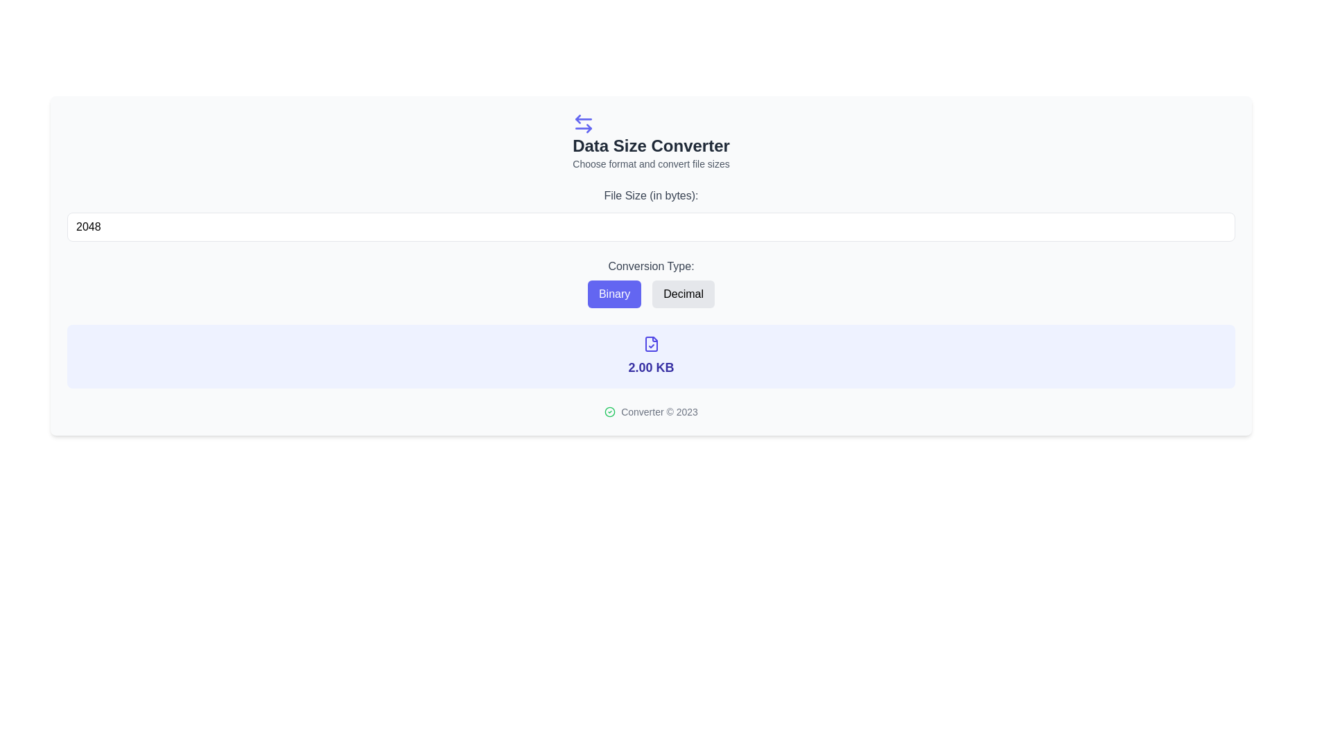 This screenshot has width=1331, height=748. What do you see at coordinates (610, 411) in the screenshot?
I see `the status indicator icon located in the footer section next to the text 'Converter © 2023'` at bounding box center [610, 411].